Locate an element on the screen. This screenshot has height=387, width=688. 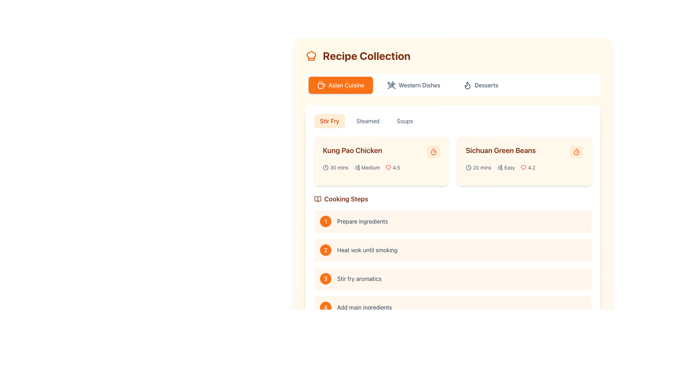
the heat indicator icon for the 'Kung Pao Chicken' recipe, which is the fourth icon in a group of icons located in the upper-right area of the card is located at coordinates (358, 167).